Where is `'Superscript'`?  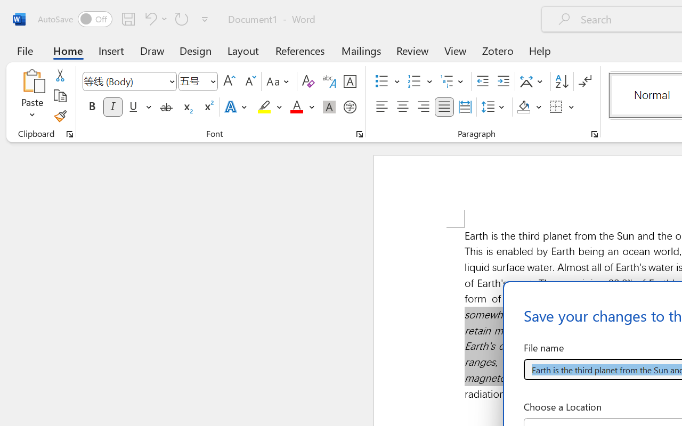 'Superscript' is located at coordinates (208, 107).